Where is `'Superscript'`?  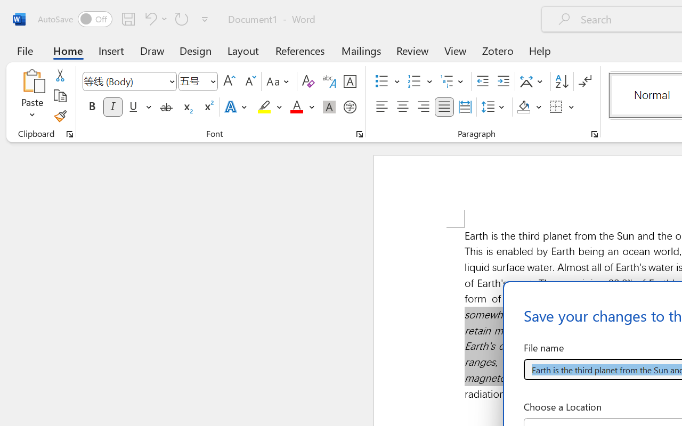 'Superscript' is located at coordinates (208, 107).